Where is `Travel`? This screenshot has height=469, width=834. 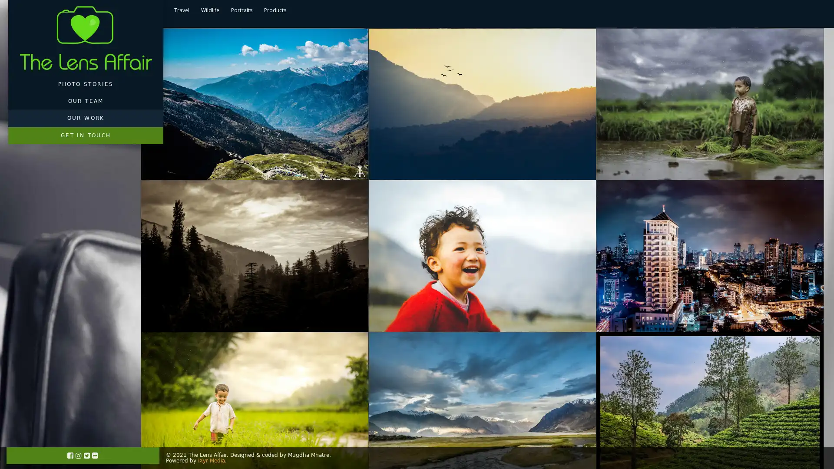
Travel is located at coordinates (181, 10).